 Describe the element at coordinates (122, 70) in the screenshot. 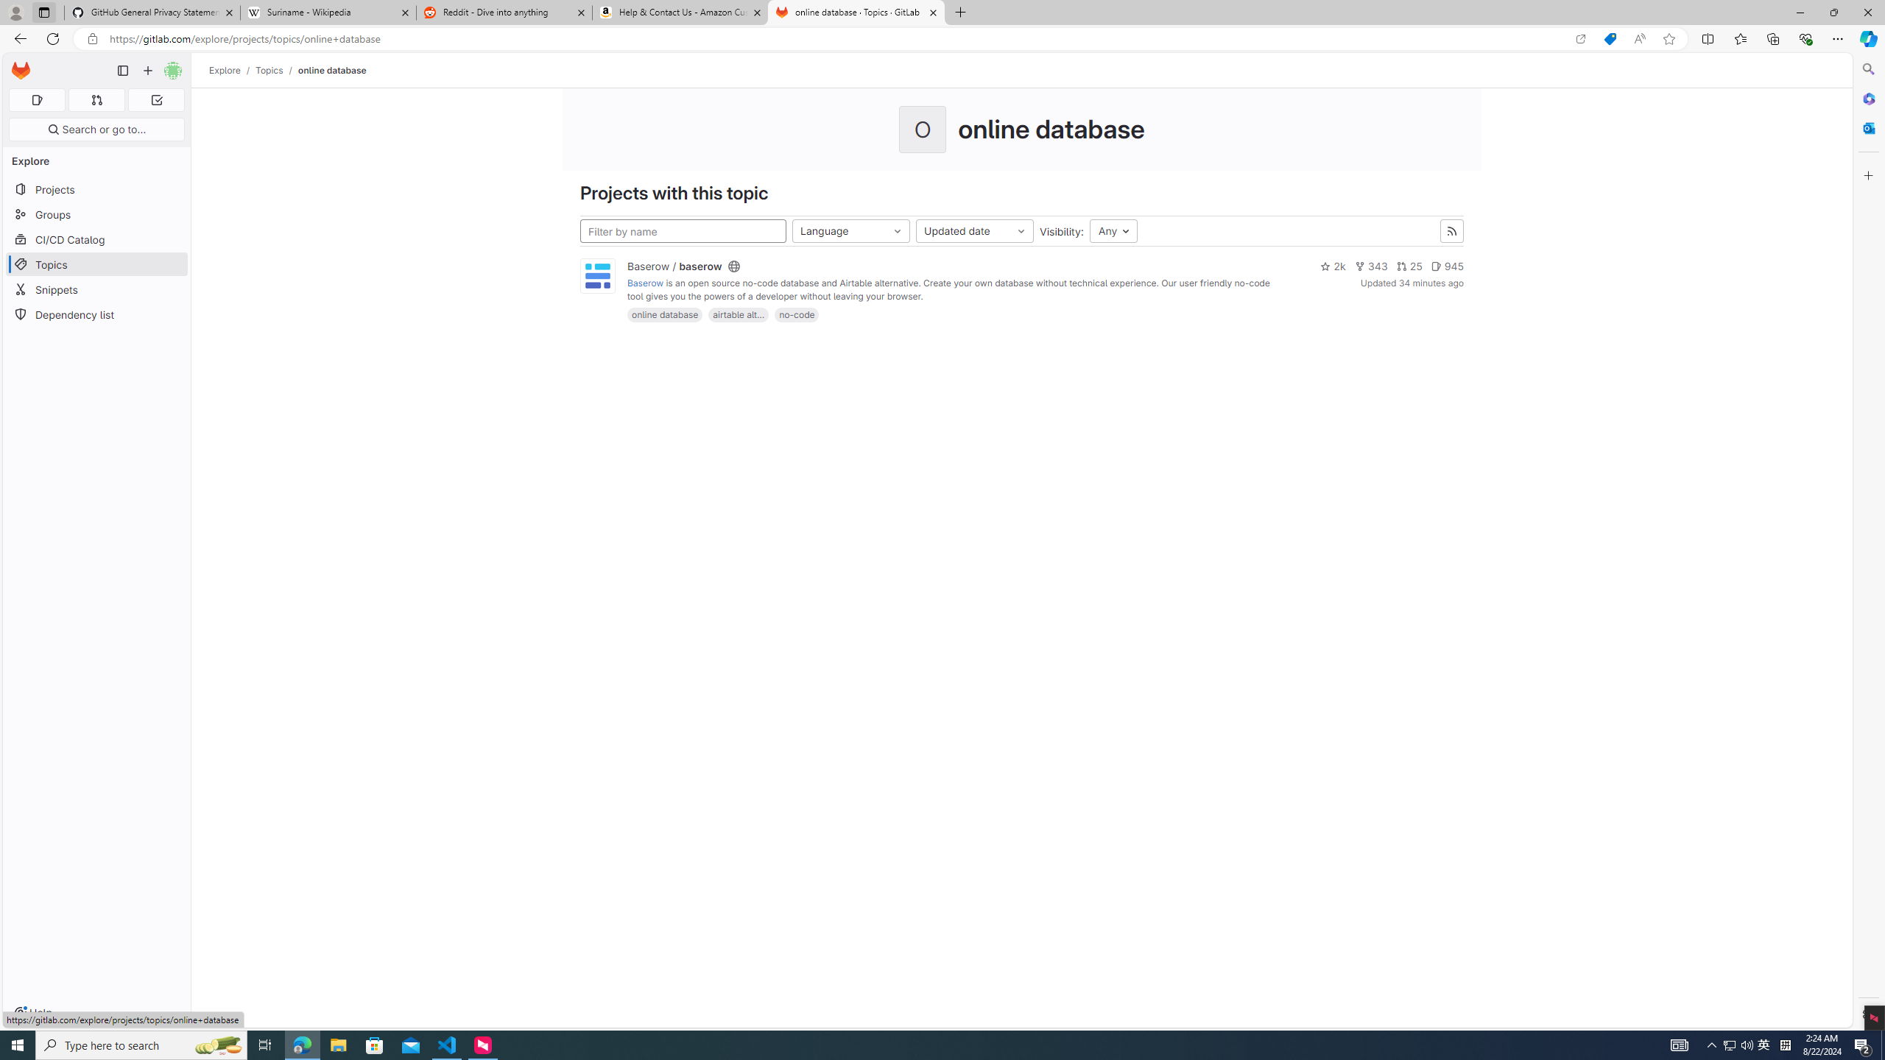

I see `'Primary navigation sidebar'` at that location.